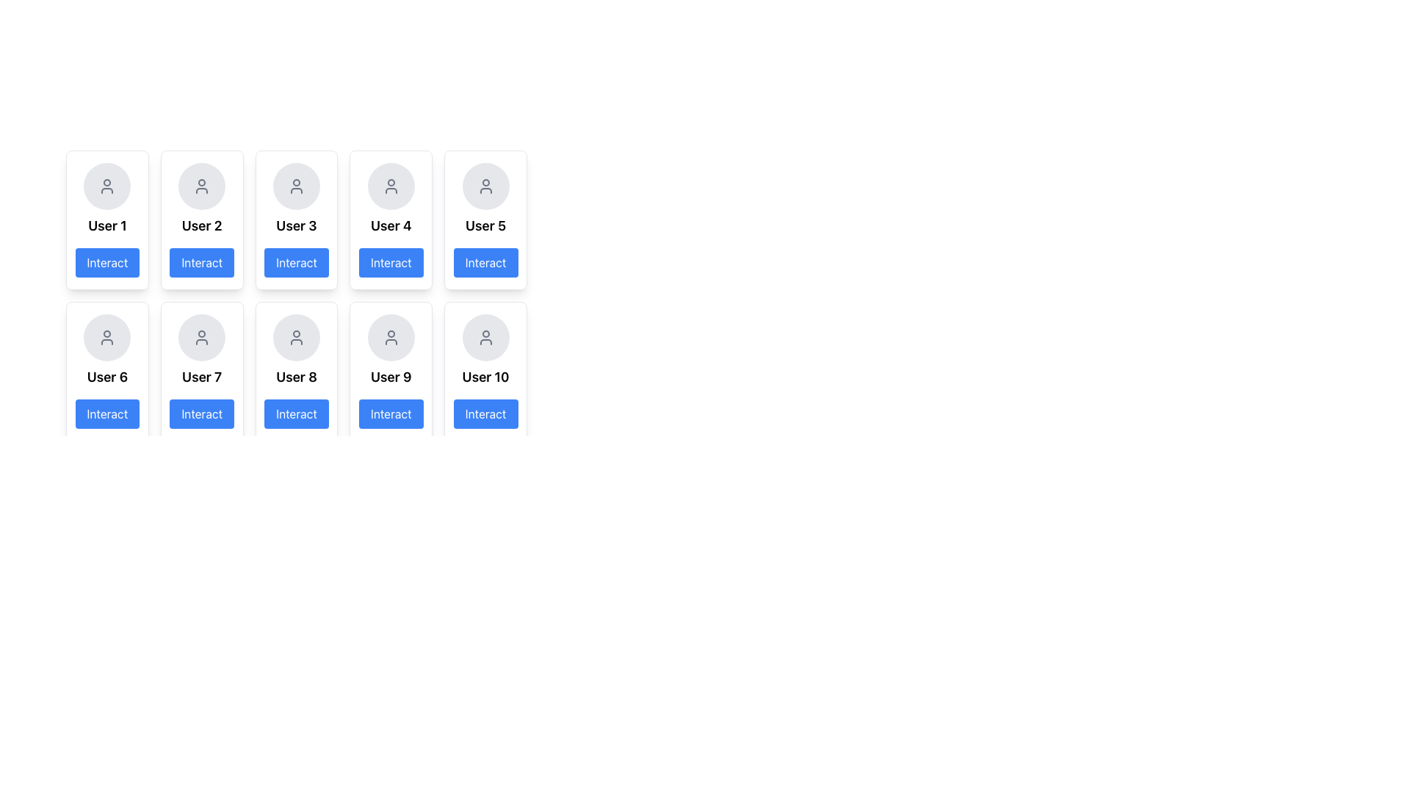  What do you see at coordinates (391, 413) in the screenshot?
I see `the button located at the bottom of the user card labeled 'User 9' to change its color` at bounding box center [391, 413].